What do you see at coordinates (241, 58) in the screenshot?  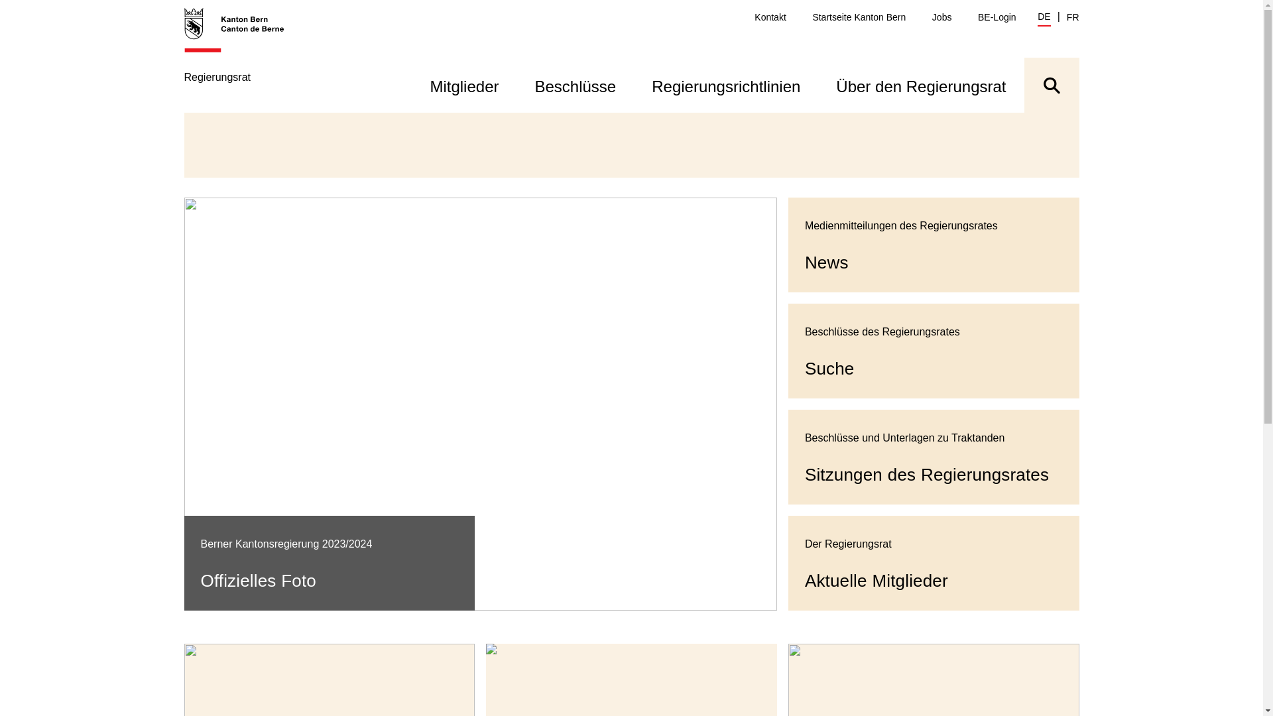 I see `'Regierungsrat'` at bounding box center [241, 58].